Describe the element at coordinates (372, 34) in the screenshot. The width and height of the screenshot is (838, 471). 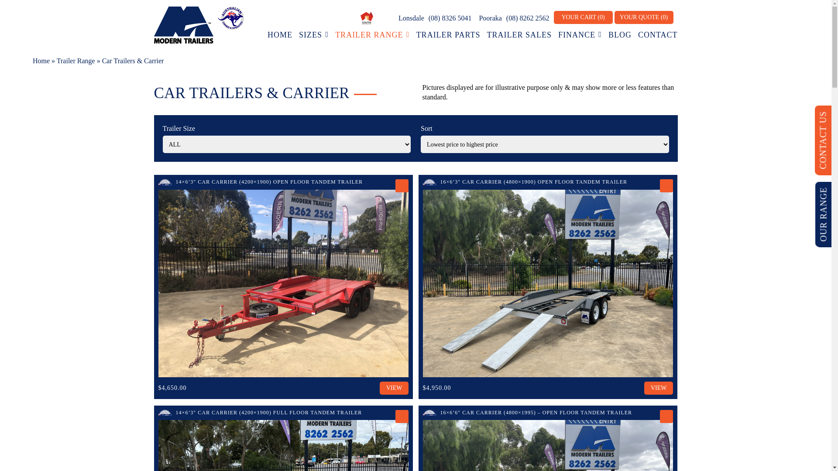
I see `'TRAILER RANGE'` at that location.